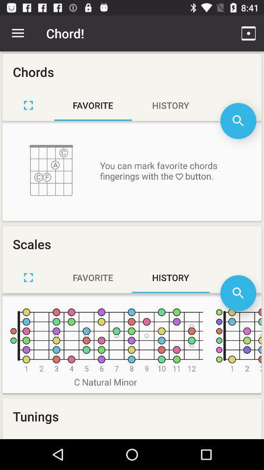 The width and height of the screenshot is (264, 470). Describe the element at coordinates (28, 105) in the screenshot. I see `maximize page` at that location.